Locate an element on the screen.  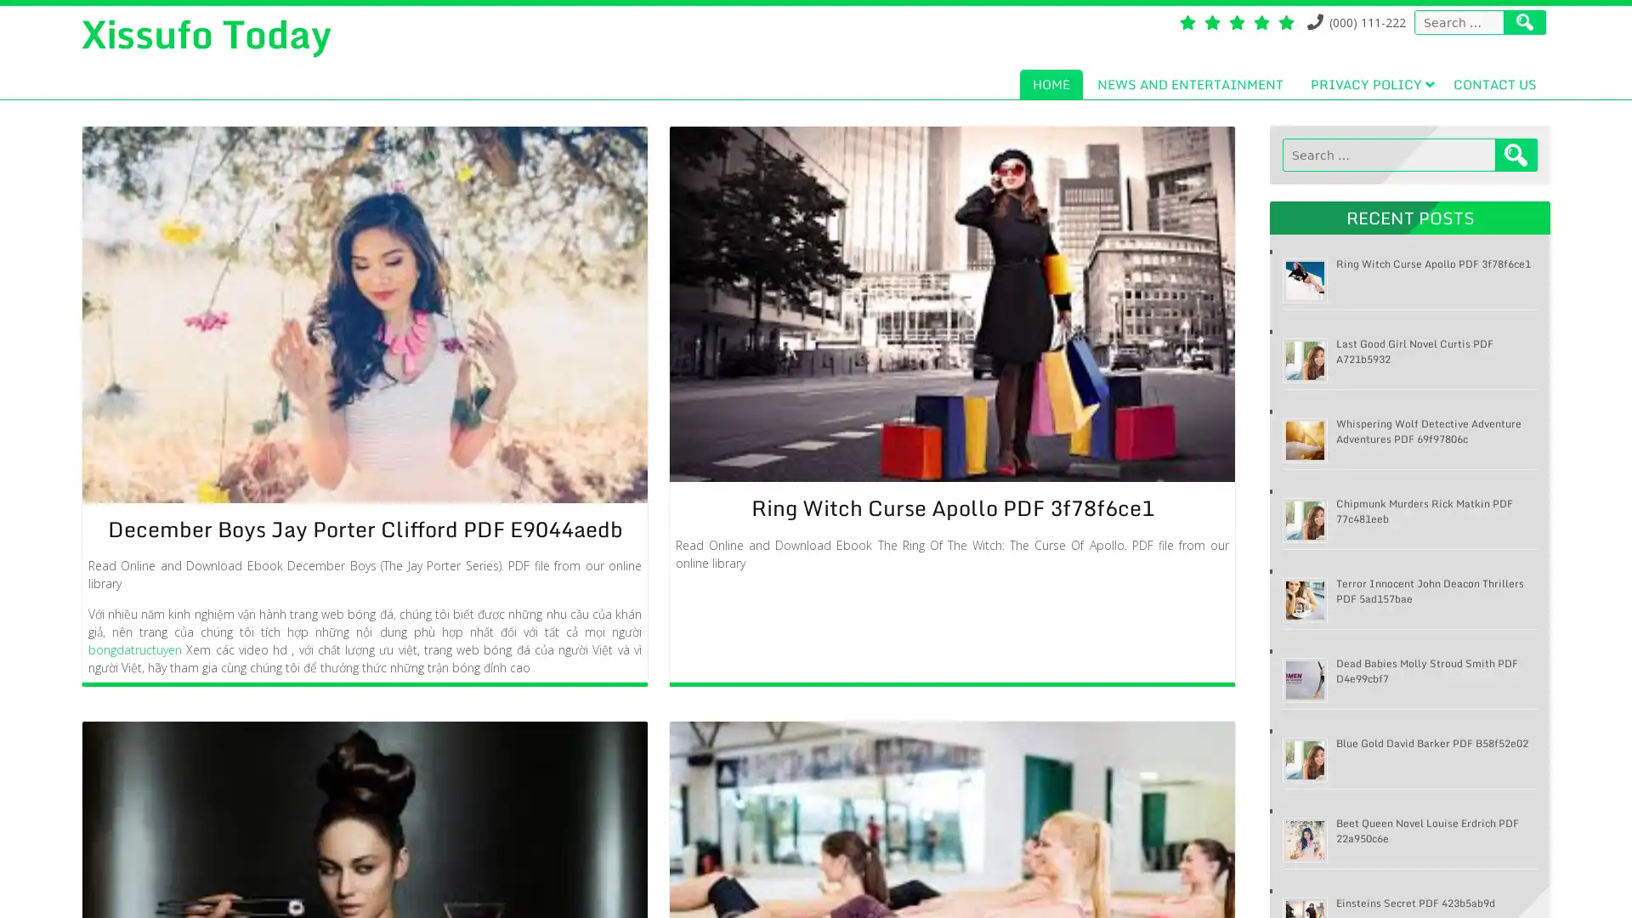
Search is located at coordinates (1525, 22).